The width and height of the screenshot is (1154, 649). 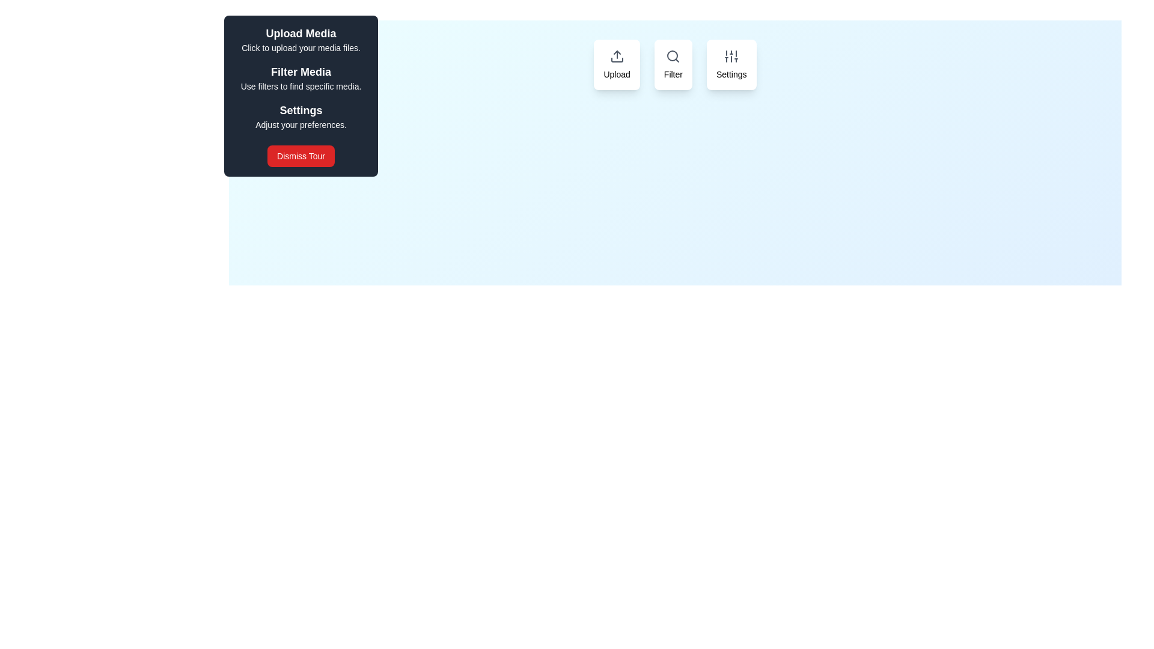 What do you see at coordinates (731, 74) in the screenshot?
I see `'Settings' text label located below the sliders icon in the third card of a horizontal group of three cards` at bounding box center [731, 74].